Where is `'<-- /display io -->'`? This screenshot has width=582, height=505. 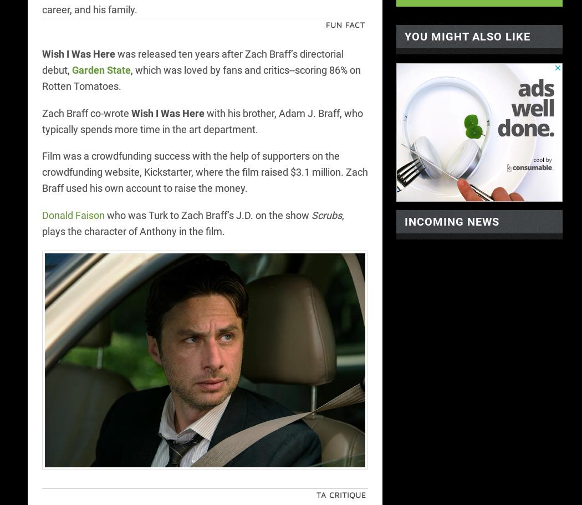
'<-- /display io -->' is located at coordinates (458, 19).